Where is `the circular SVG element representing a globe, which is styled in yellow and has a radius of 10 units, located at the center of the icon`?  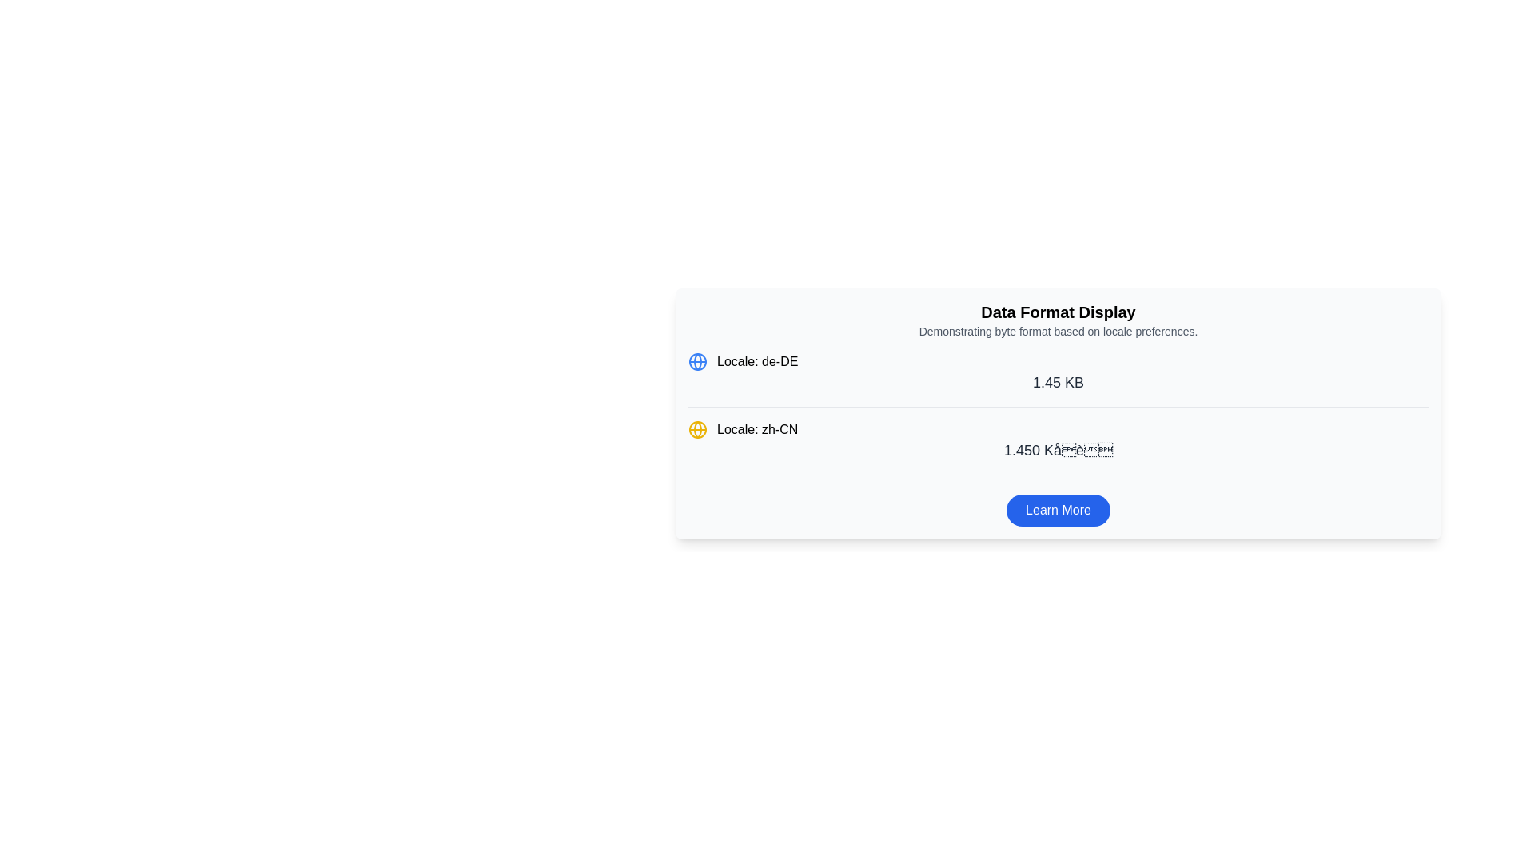 the circular SVG element representing a globe, which is styled in yellow and has a radius of 10 units, located at the center of the icon is located at coordinates (698, 428).